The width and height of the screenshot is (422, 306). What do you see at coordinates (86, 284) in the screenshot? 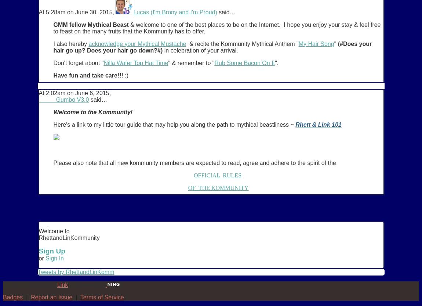
I see `'.             
    Powered by'` at bounding box center [86, 284].